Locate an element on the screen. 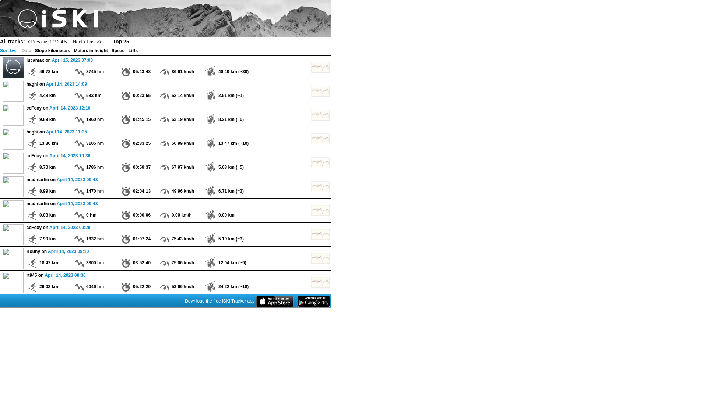 The height and width of the screenshot is (397, 707). 'Slope kilometers' is located at coordinates (35, 50).